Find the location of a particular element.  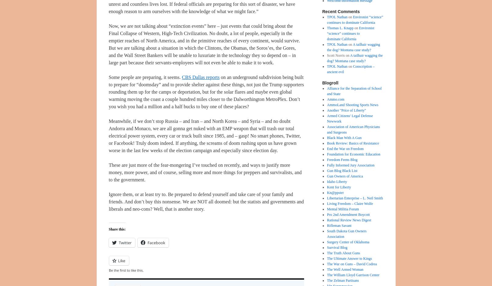

'The William Lloyd Garrison Center' is located at coordinates (353, 275).